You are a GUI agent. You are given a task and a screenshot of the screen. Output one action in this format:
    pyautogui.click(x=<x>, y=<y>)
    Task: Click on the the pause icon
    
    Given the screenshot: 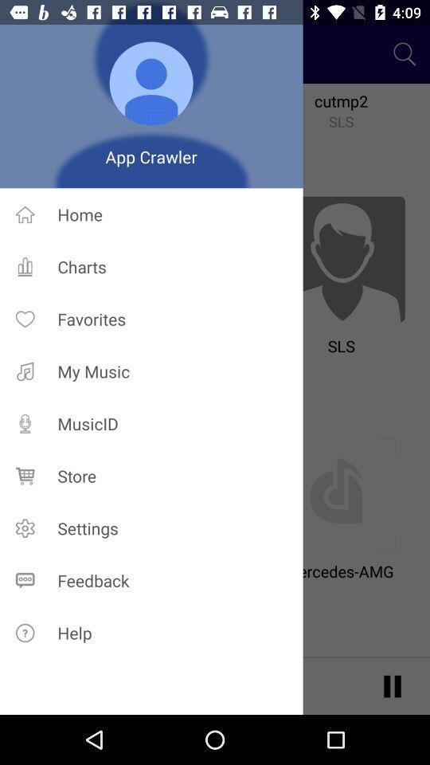 What is the action you would take?
    pyautogui.click(x=392, y=685)
    